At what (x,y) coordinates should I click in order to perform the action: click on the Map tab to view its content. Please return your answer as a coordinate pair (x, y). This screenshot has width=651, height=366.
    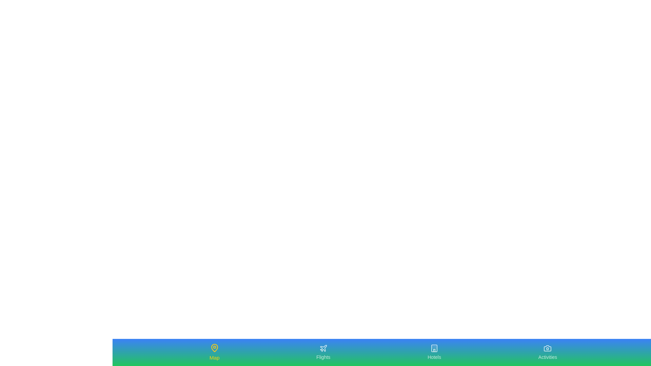
    Looking at the image, I should click on (214, 352).